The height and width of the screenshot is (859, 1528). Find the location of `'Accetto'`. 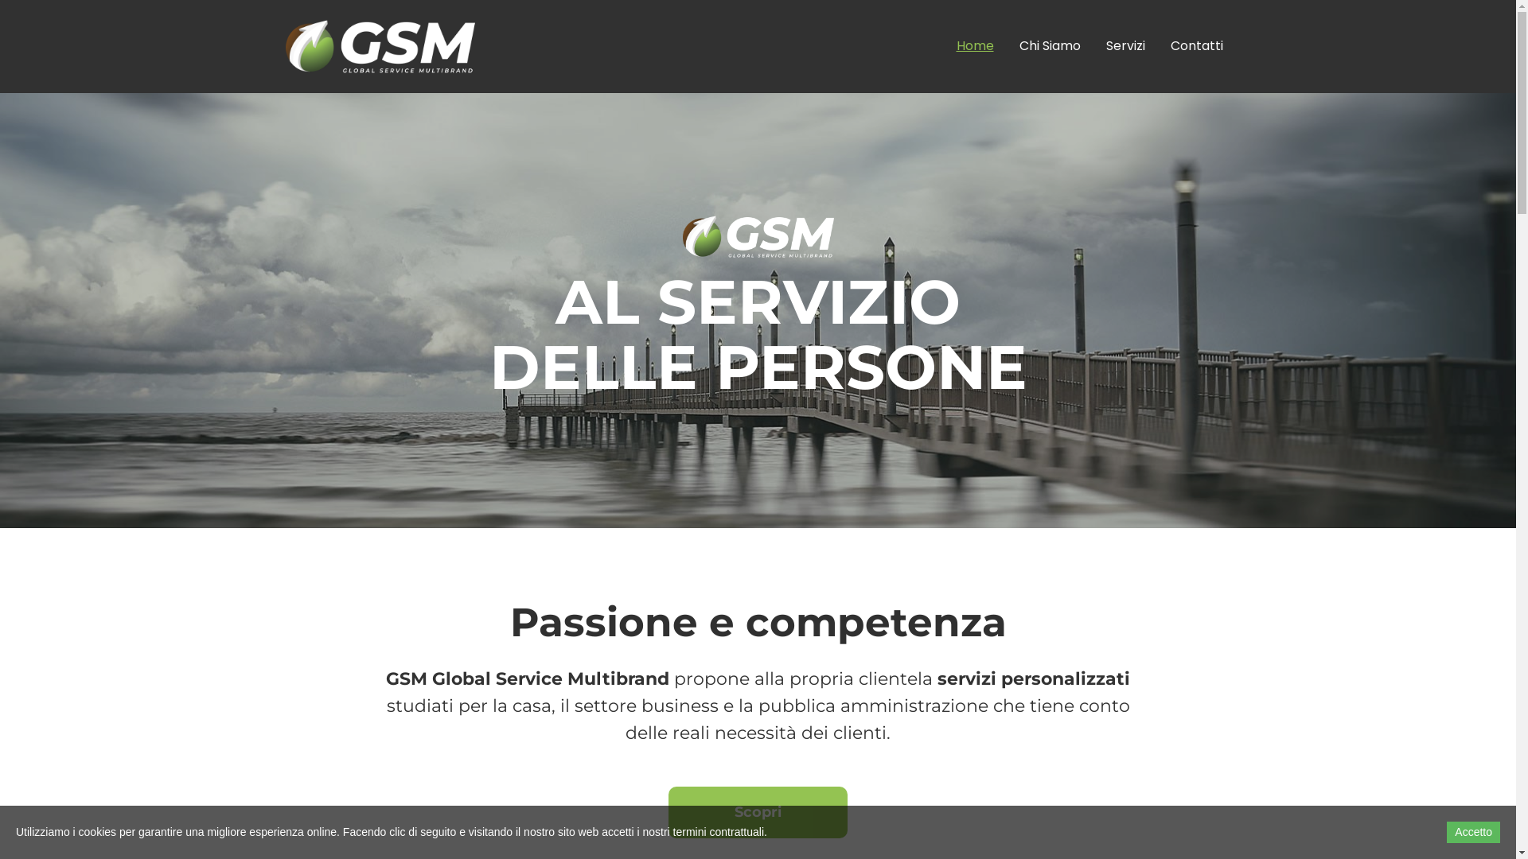

'Accetto' is located at coordinates (1472, 831).